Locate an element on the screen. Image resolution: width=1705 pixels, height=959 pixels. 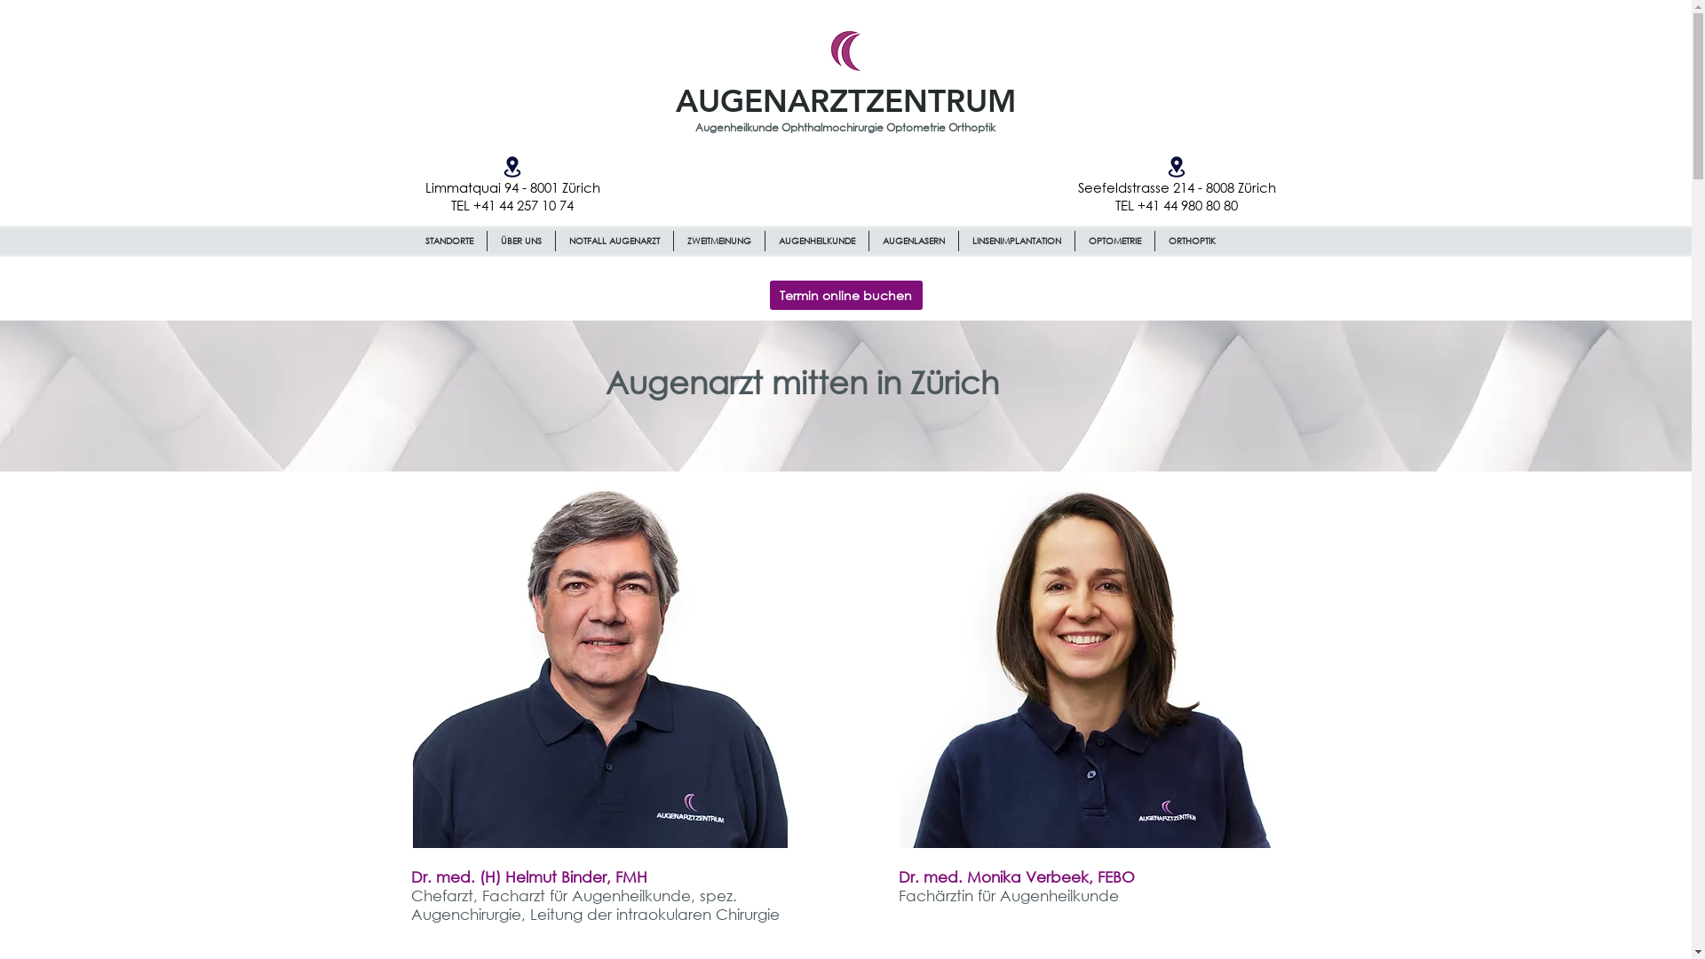
'AUGENLASERN' is located at coordinates (912, 241).